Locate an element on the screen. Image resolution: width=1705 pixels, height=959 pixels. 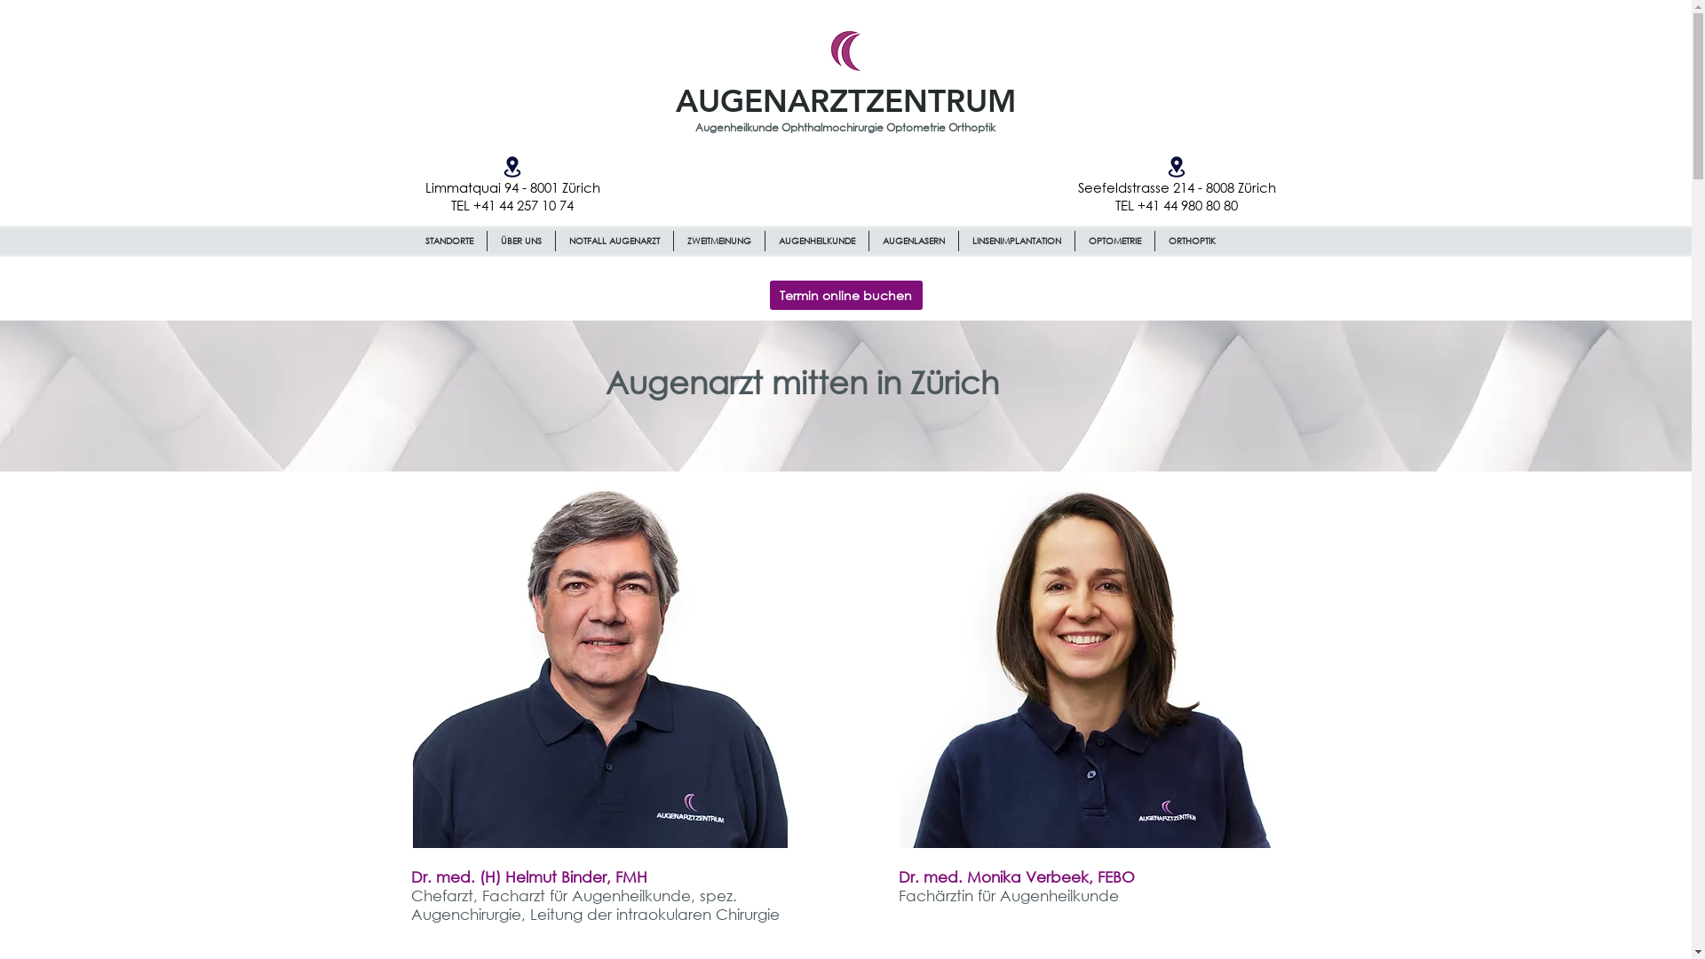
'AUGENLASERN' is located at coordinates (912, 241).